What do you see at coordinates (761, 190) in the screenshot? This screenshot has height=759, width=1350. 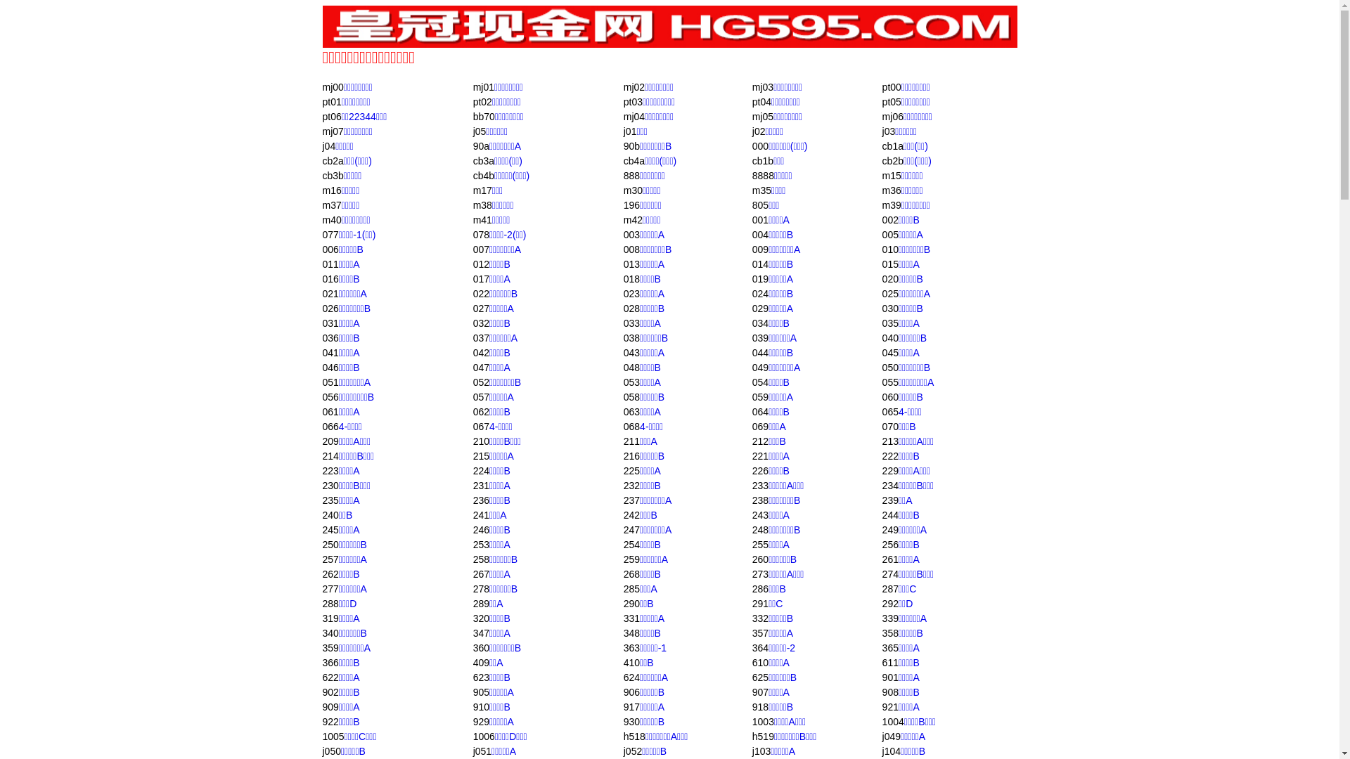 I see `'m35'` at bounding box center [761, 190].